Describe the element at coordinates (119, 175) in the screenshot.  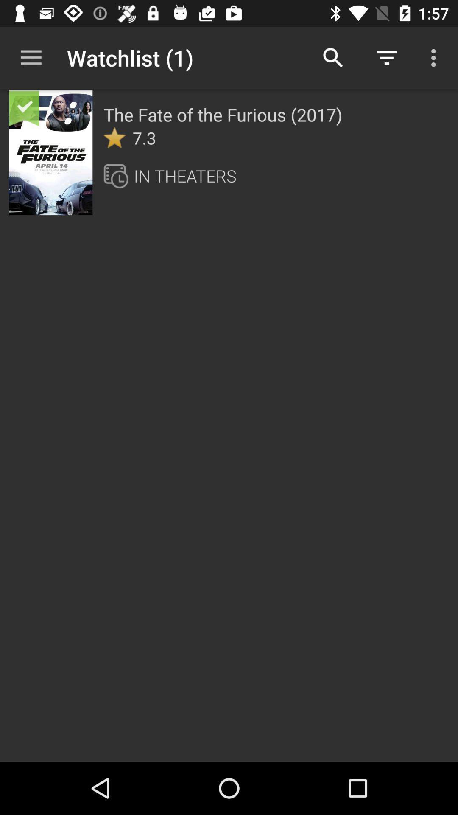
I see `the item next to the in theaters` at that location.